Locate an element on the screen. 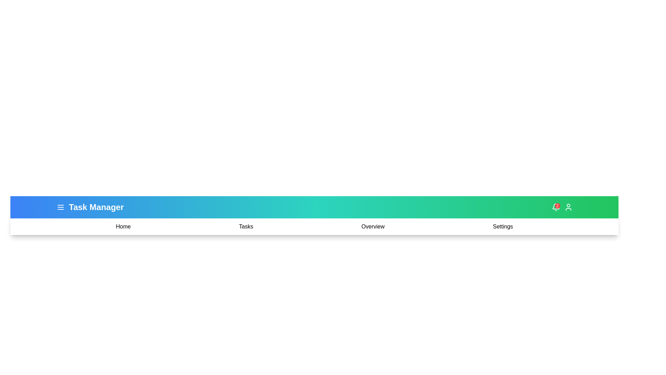  the notification bell icon to clear notifications is located at coordinates (556, 207).